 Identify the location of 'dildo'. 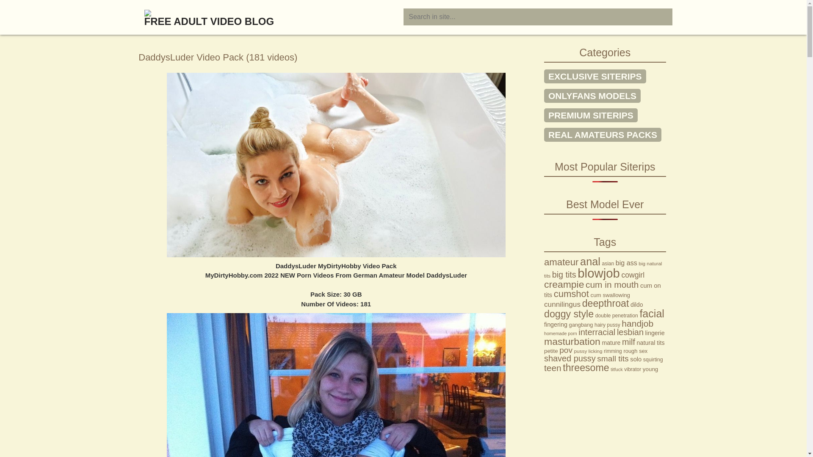
(636, 305).